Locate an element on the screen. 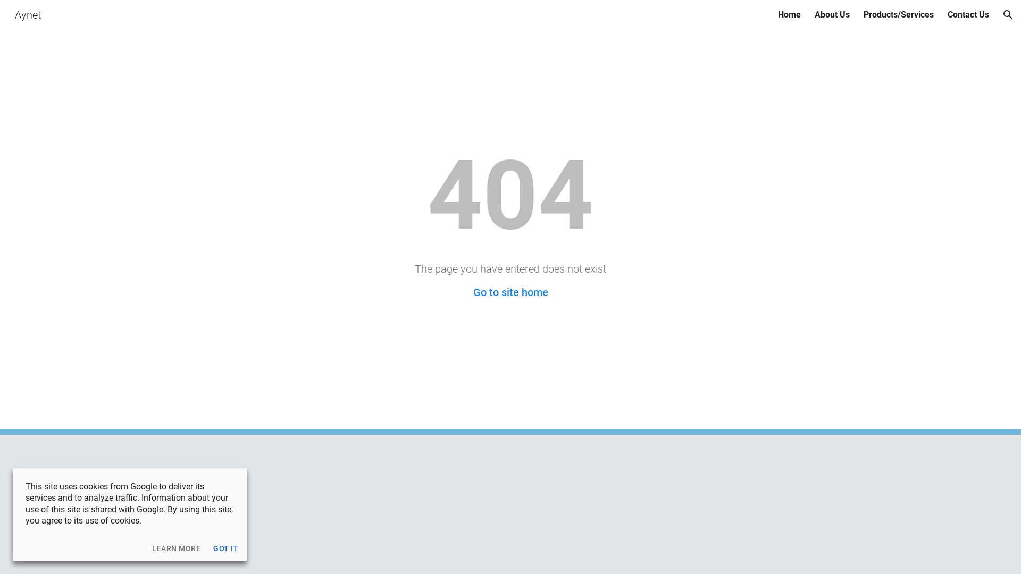 This screenshot has width=1021, height=574. 'About Us' is located at coordinates (831, 14).